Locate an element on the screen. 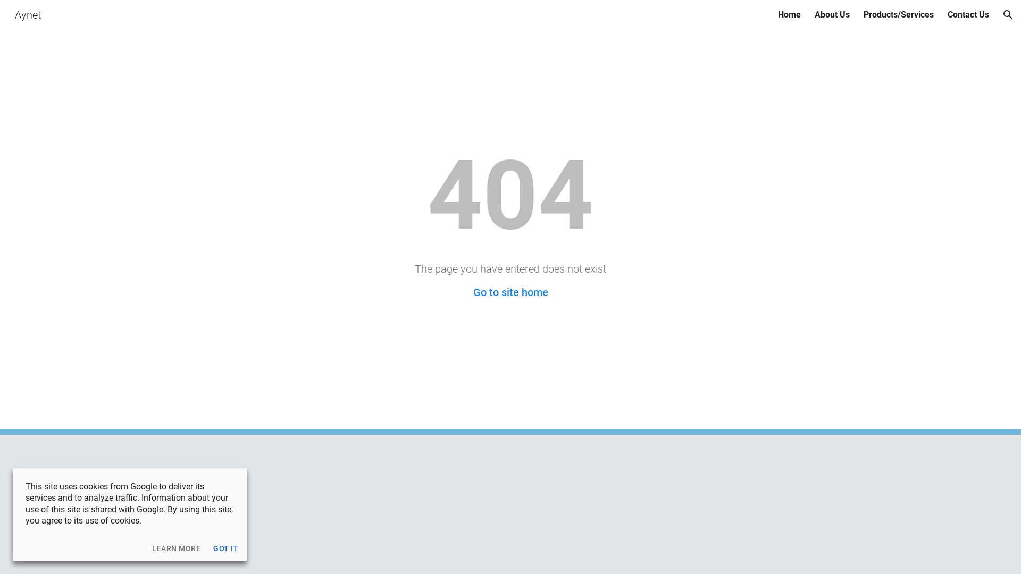 This screenshot has width=1021, height=574. 'About Us' is located at coordinates (831, 14).